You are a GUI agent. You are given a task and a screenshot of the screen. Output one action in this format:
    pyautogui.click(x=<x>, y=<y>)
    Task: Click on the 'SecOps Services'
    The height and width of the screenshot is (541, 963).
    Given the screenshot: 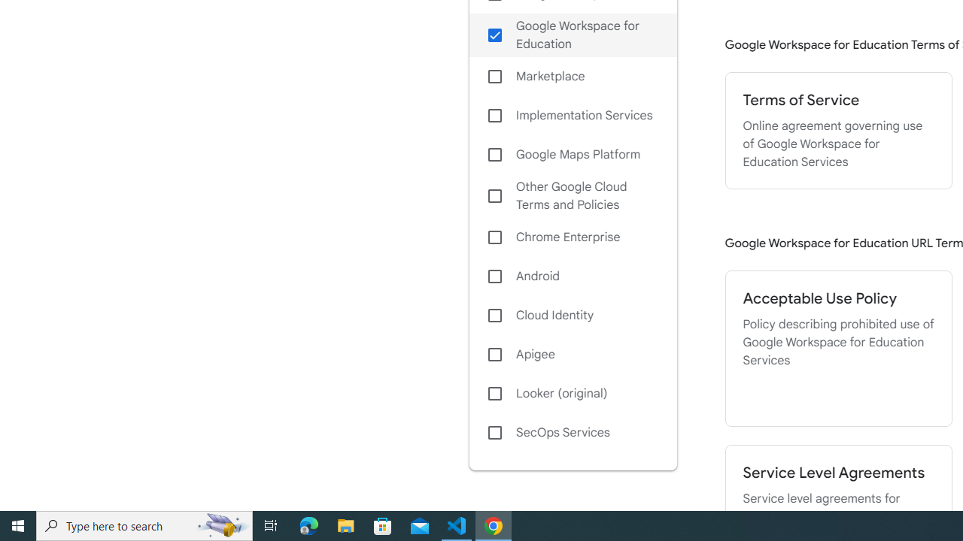 What is the action you would take?
    pyautogui.click(x=572, y=433)
    